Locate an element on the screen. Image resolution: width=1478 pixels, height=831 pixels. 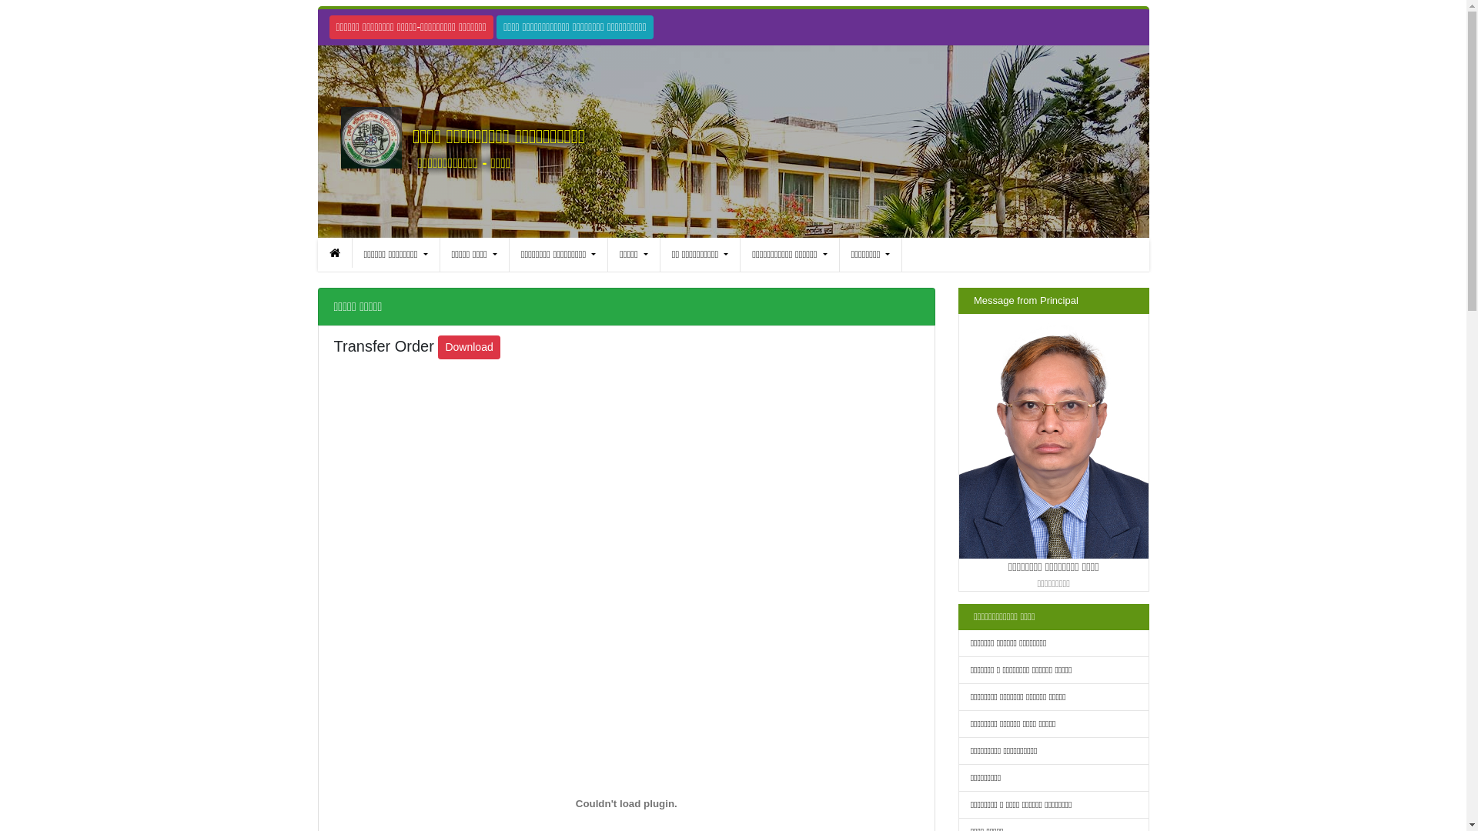
'Download' is located at coordinates (437, 347).